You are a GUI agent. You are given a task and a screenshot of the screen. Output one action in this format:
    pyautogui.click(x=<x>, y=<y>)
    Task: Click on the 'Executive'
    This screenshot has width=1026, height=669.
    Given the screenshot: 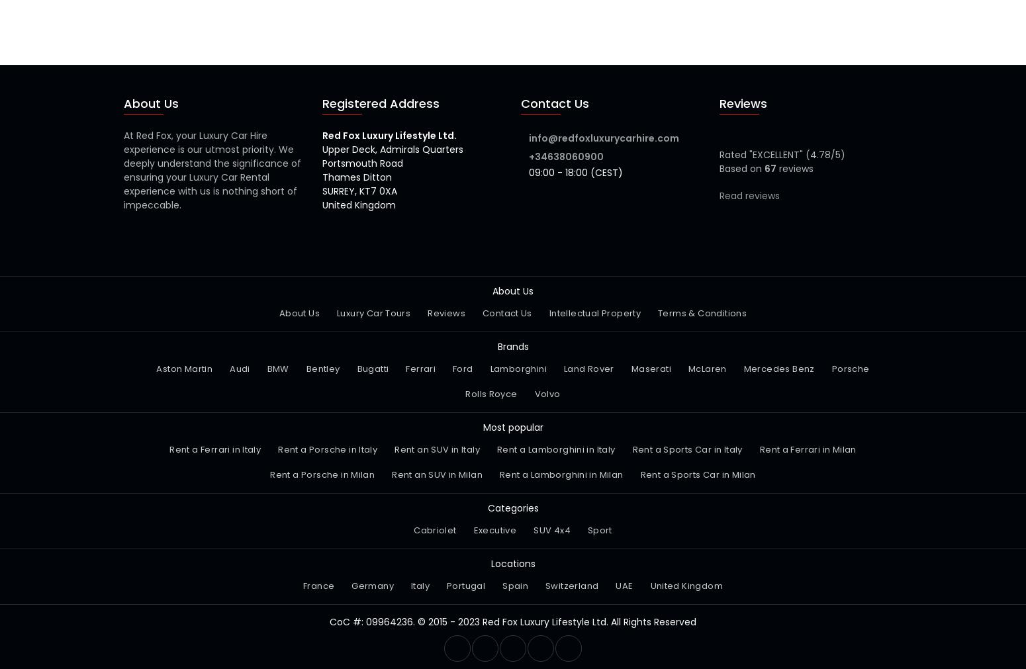 What is the action you would take?
    pyautogui.click(x=494, y=529)
    